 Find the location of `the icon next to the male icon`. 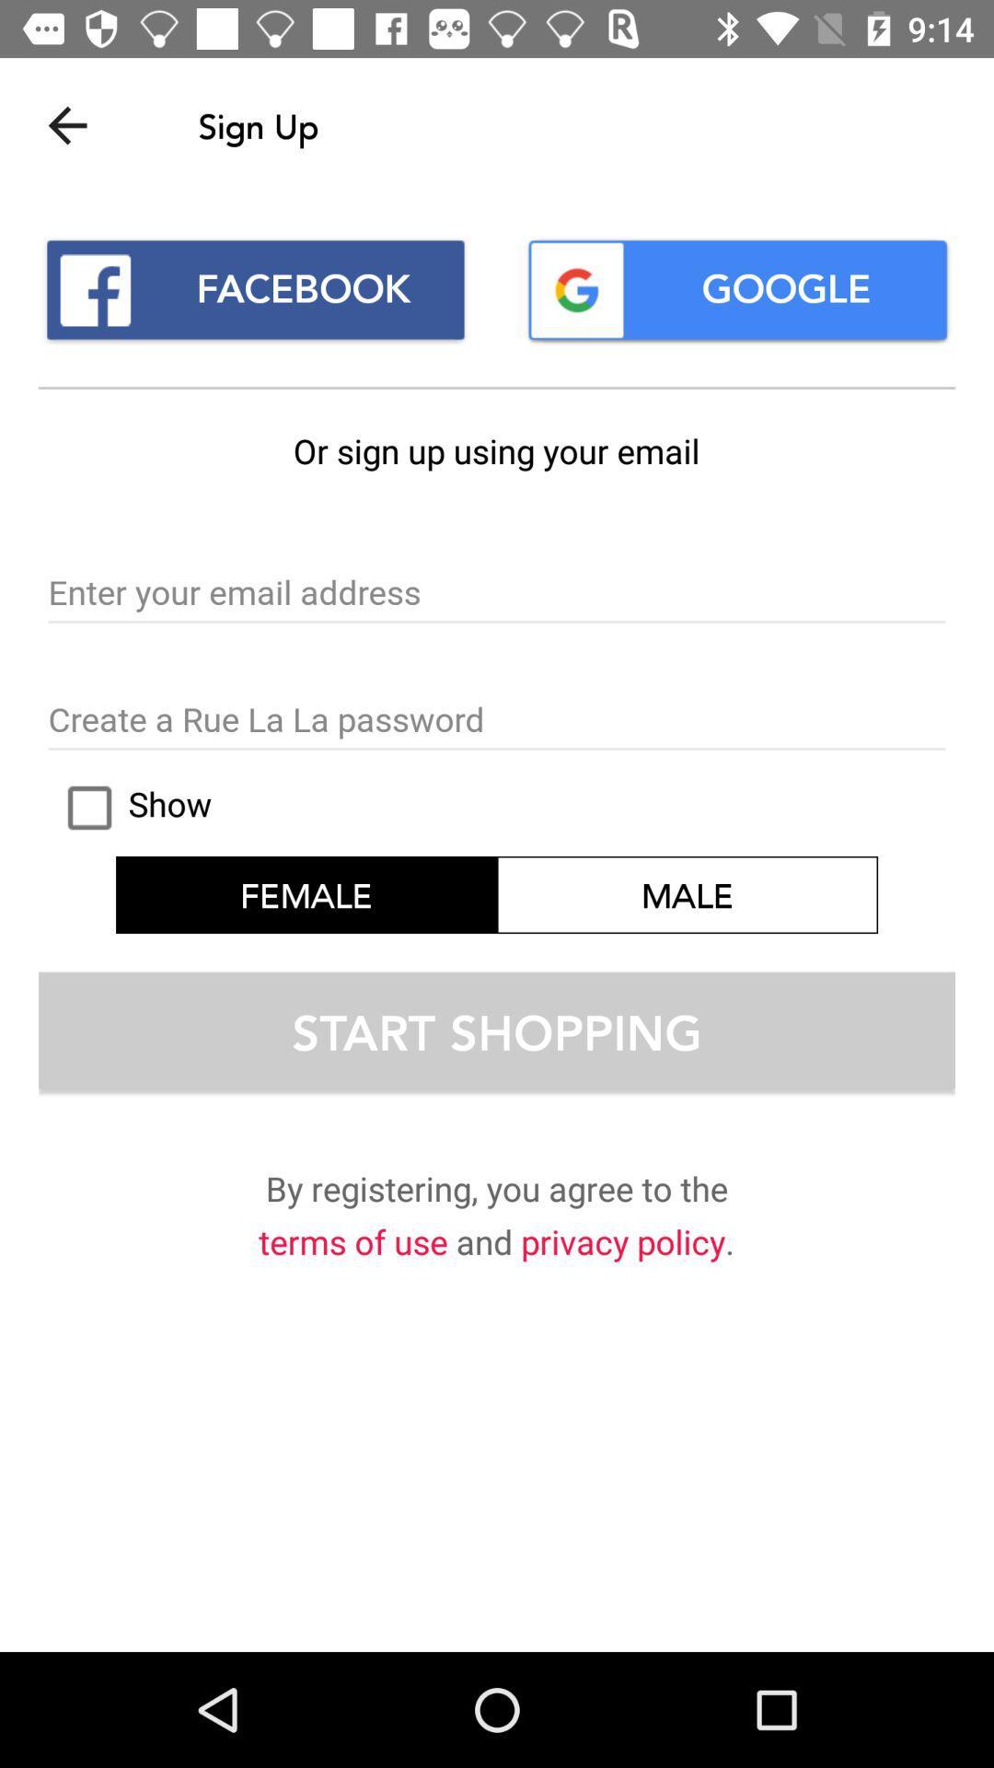

the icon next to the male icon is located at coordinates (305, 894).